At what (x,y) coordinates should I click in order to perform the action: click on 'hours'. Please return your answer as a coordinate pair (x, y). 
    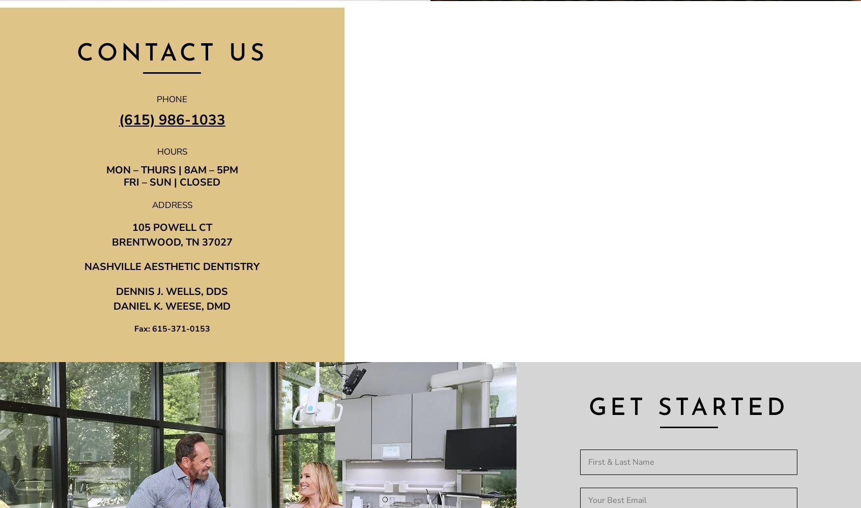
    Looking at the image, I should click on (171, 151).